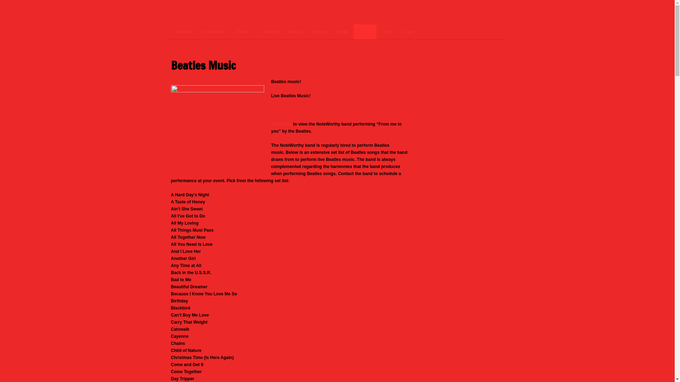 This screenshot has height=382, width=680. Describe the element at coordinates (214, 31) in the screenshot. I see `'Testimonials'` at that location.